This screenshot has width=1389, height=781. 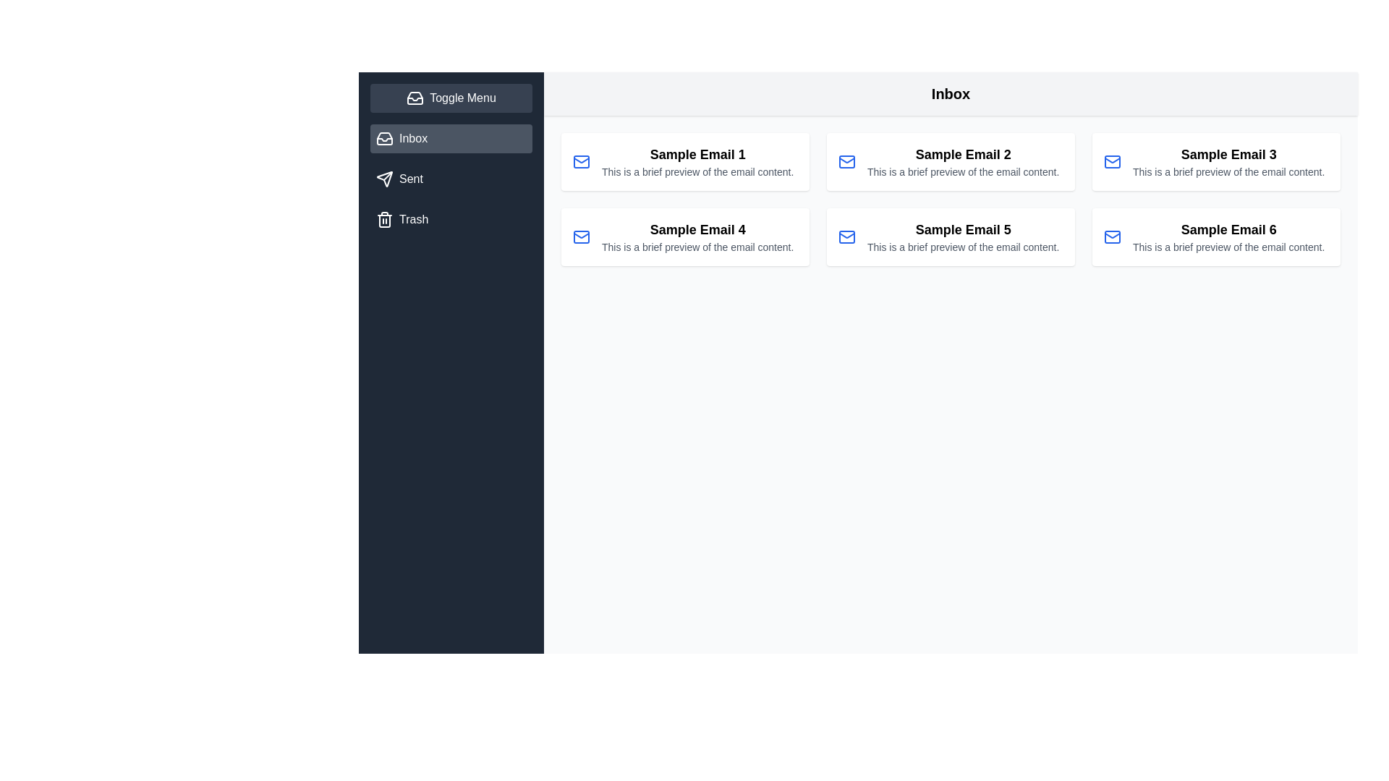 What do you see at coordinates (697, 161) in the screenshot?
I see `the clickable email preview card located in the first row and first column of the grid, next to the blue email icon` at bounding box center [697, 161].